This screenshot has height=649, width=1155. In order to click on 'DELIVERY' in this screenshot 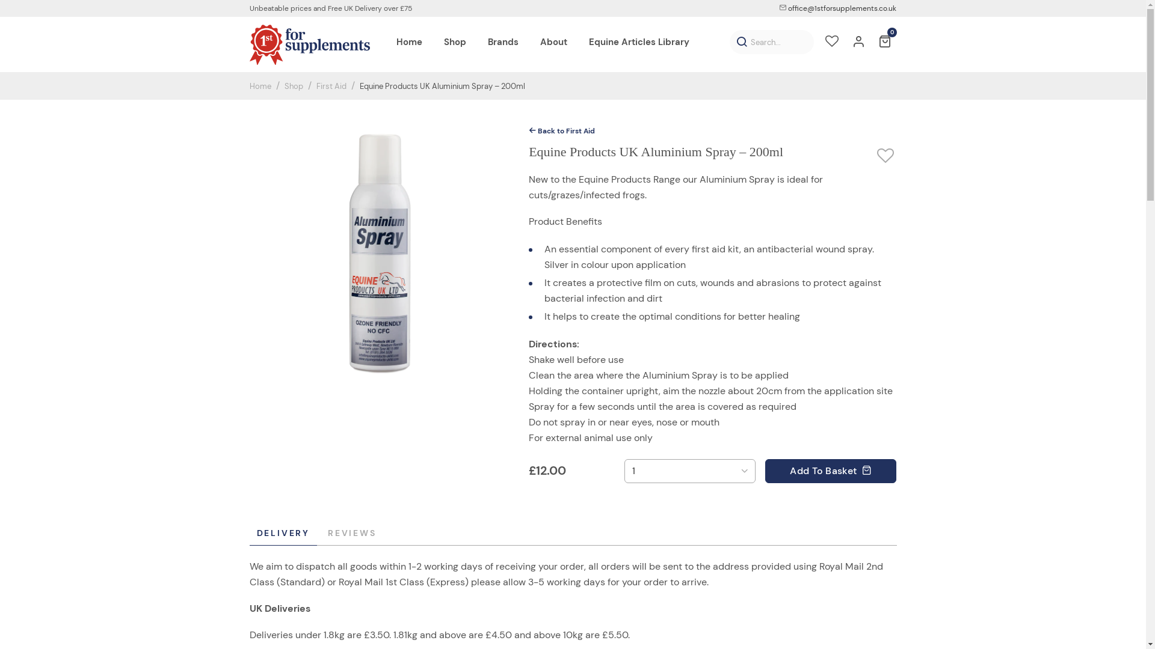, I will do `click(282, 532)`.